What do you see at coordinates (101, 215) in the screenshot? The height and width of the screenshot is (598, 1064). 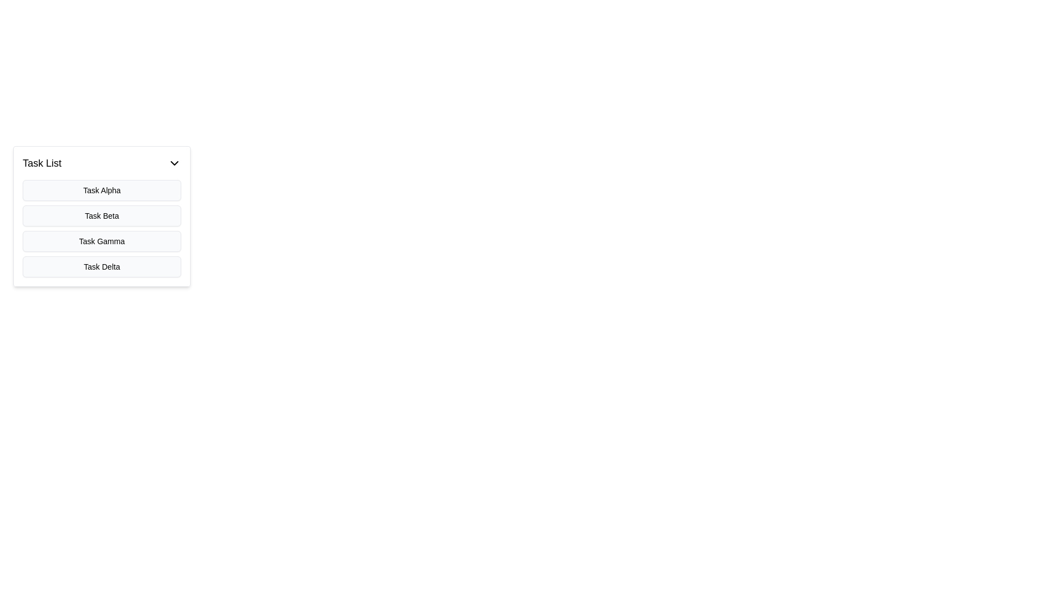 I see `the 'Task Beta' button, which is the second button in a vertical list of four buttons within the 'Task List' dropdown menu, to trigger the hover effect` at bounding box center [101, 215].